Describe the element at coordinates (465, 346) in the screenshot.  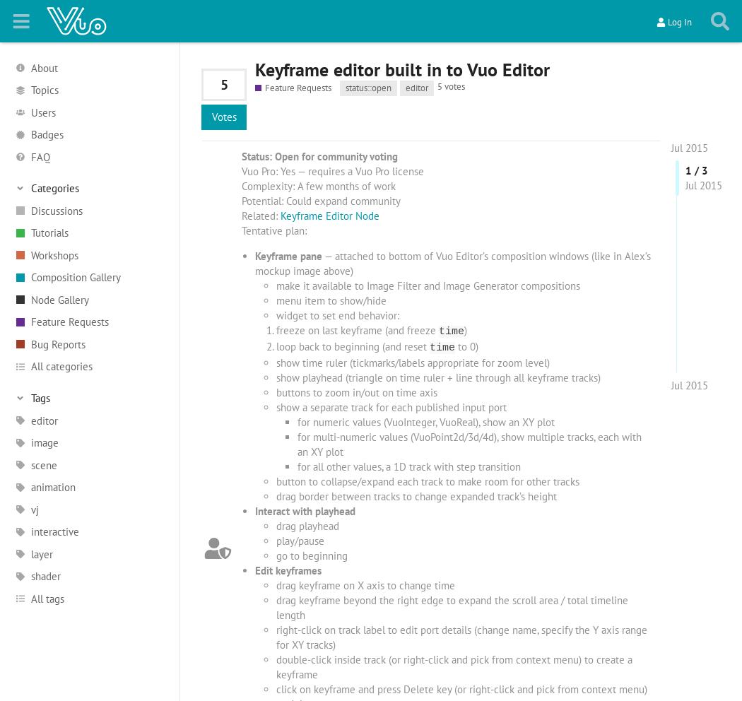
I see `'to 0)'` at that location.